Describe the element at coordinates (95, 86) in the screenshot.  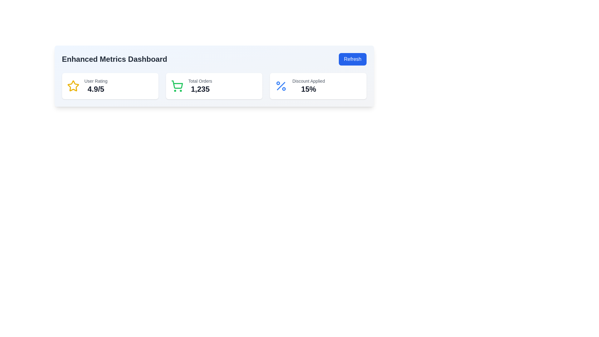
I see `the User Rating textual information block, which displays 'User Rating' in small gray text above '4.9/5' in bold, large black text` at that location.